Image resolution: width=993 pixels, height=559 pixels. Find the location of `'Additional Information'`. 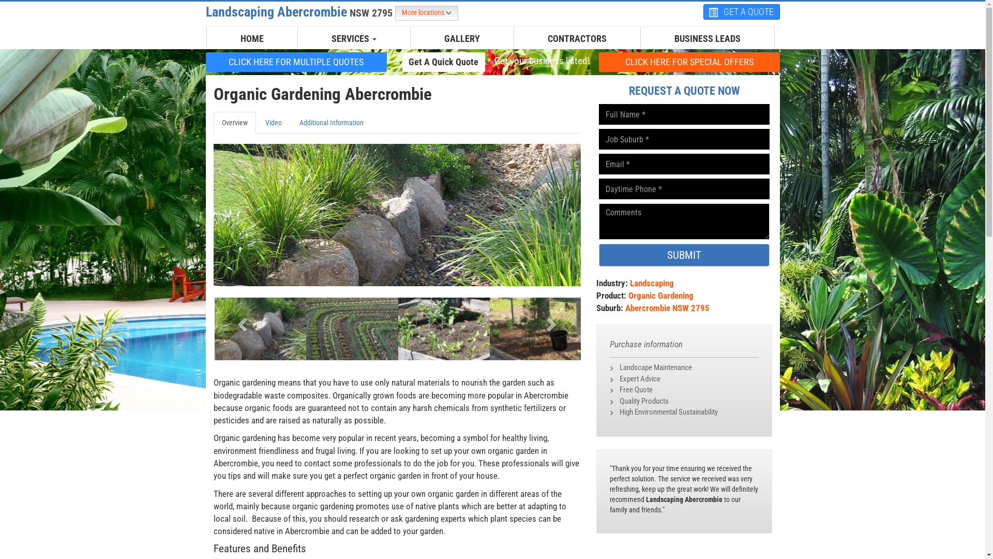

'Additional Information' is located at coordinates (330, 122).